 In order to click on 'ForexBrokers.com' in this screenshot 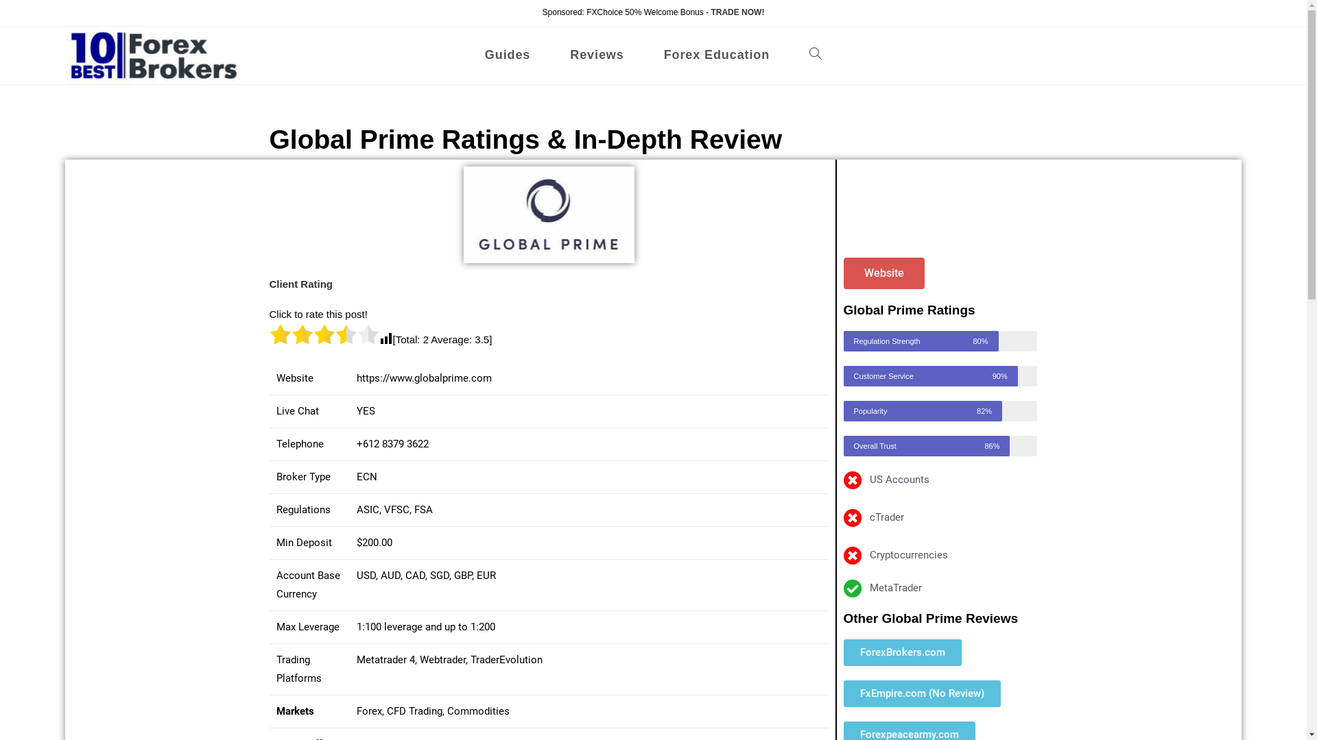, I will do `click(902, 652)`.